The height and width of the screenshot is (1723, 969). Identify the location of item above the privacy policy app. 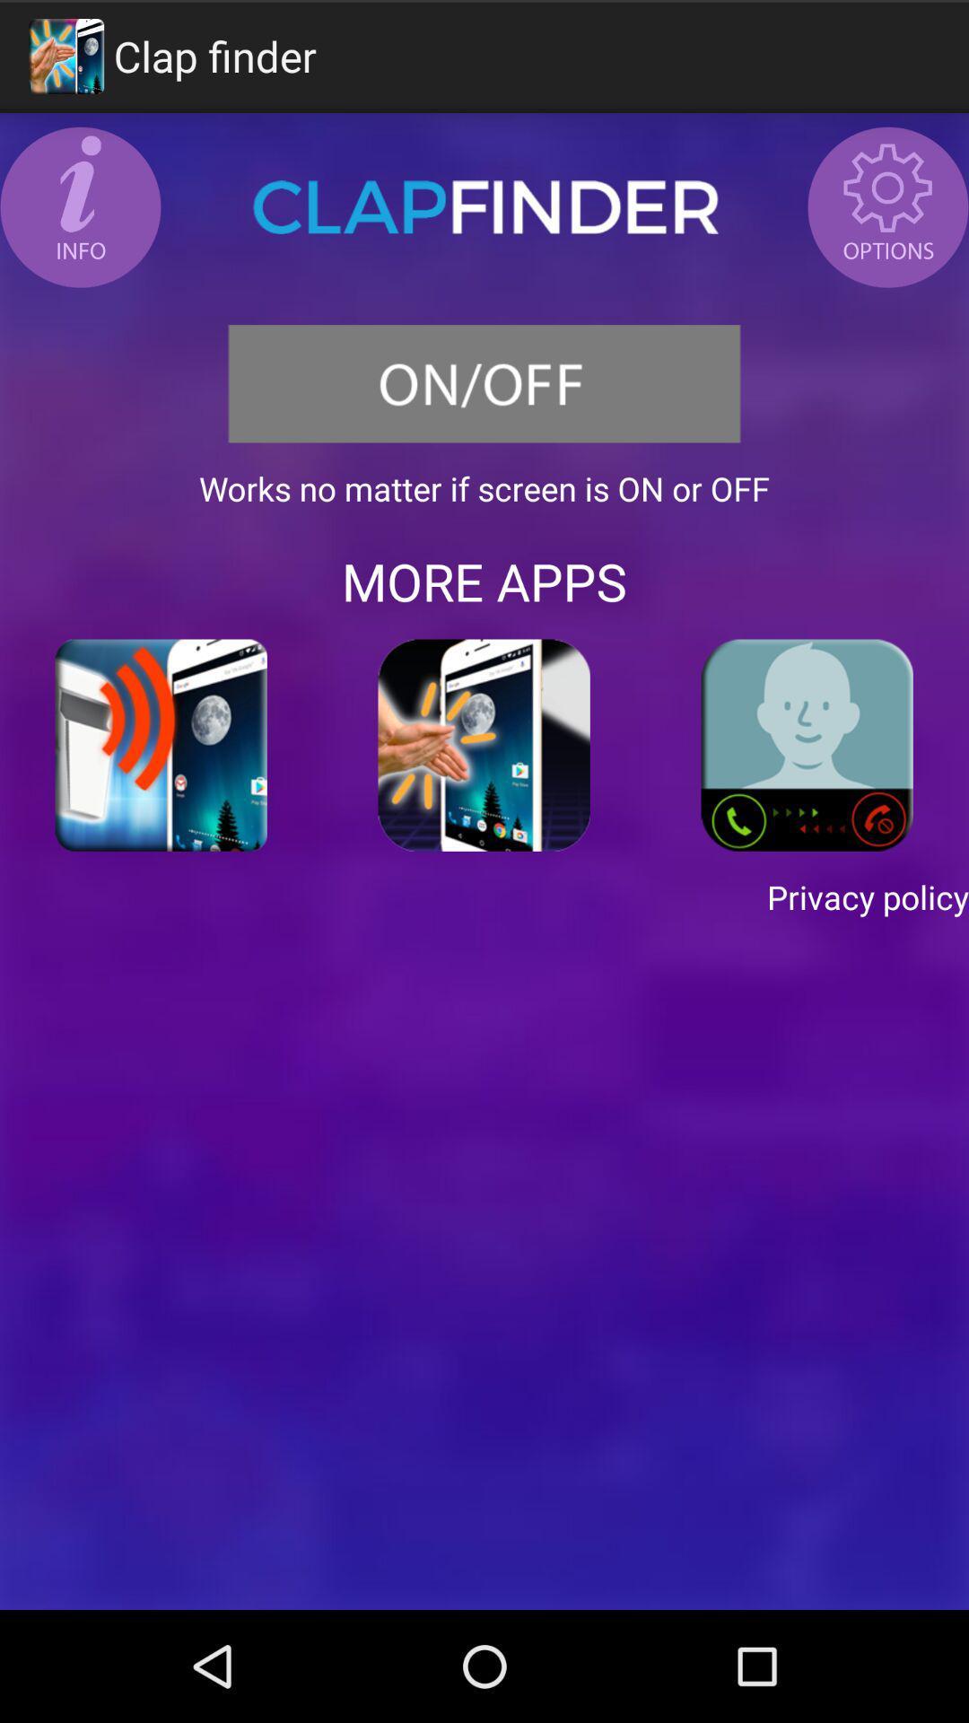
(806, 745).